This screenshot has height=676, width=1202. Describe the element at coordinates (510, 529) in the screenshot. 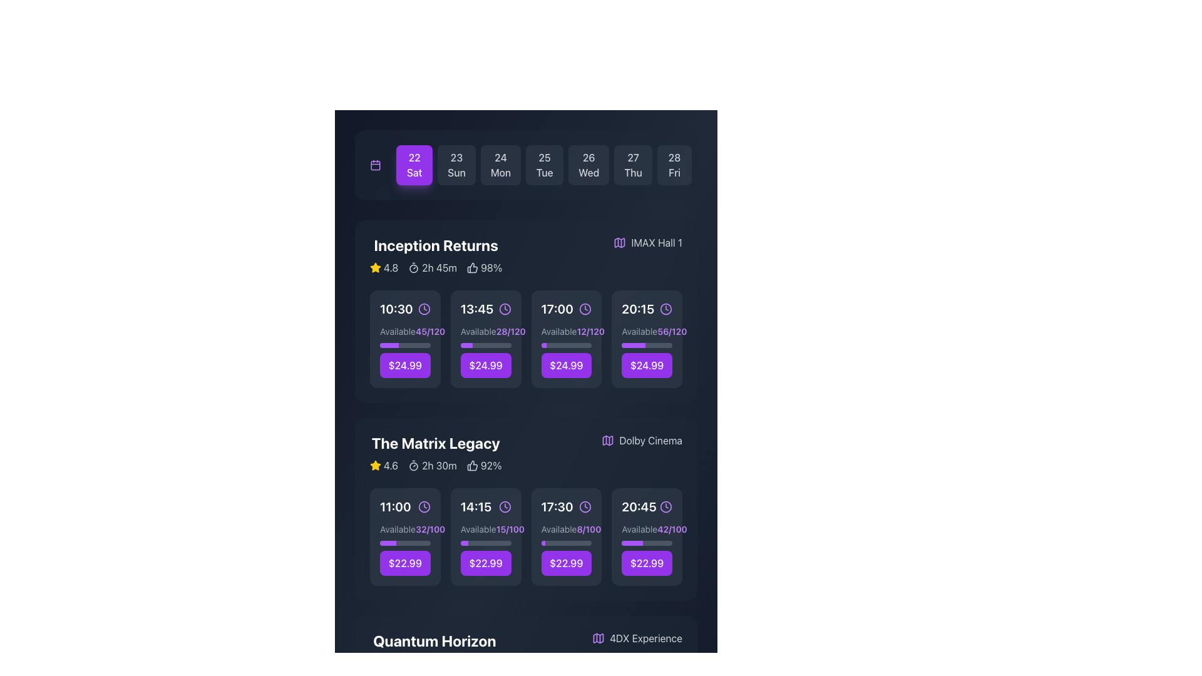

I see `the text label indicating available tickets, which displays '15/100' and is located to the right of the word 'Available' in the second card under 'The Matrix Legacy' section` at that location.